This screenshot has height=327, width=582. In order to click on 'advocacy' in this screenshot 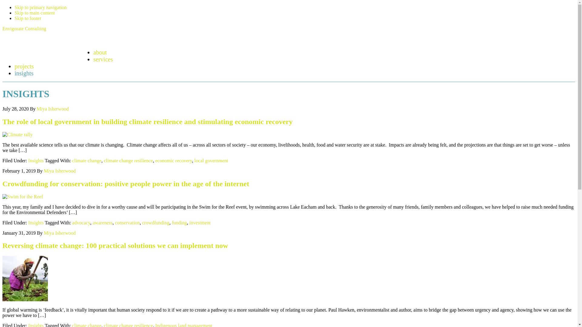, I will do `click(72, 222)`.